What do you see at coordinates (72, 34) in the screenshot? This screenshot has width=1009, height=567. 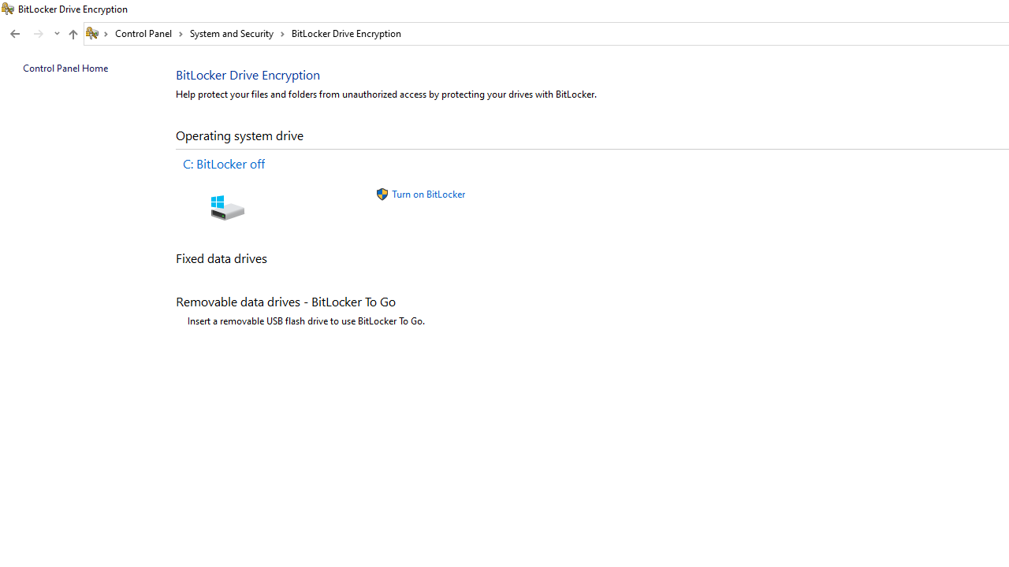 I see `'Up to "System and Security" (Alt + Up Arrow)'` at bounding box center [72, 34].